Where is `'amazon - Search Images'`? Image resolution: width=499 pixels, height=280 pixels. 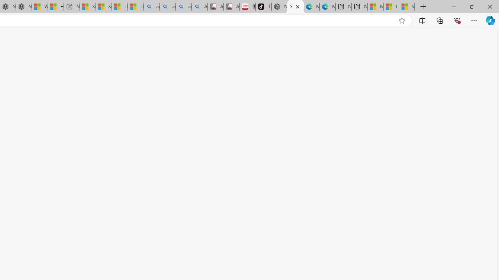
'amazon - Search Images' is located at coordinates (183, 7).